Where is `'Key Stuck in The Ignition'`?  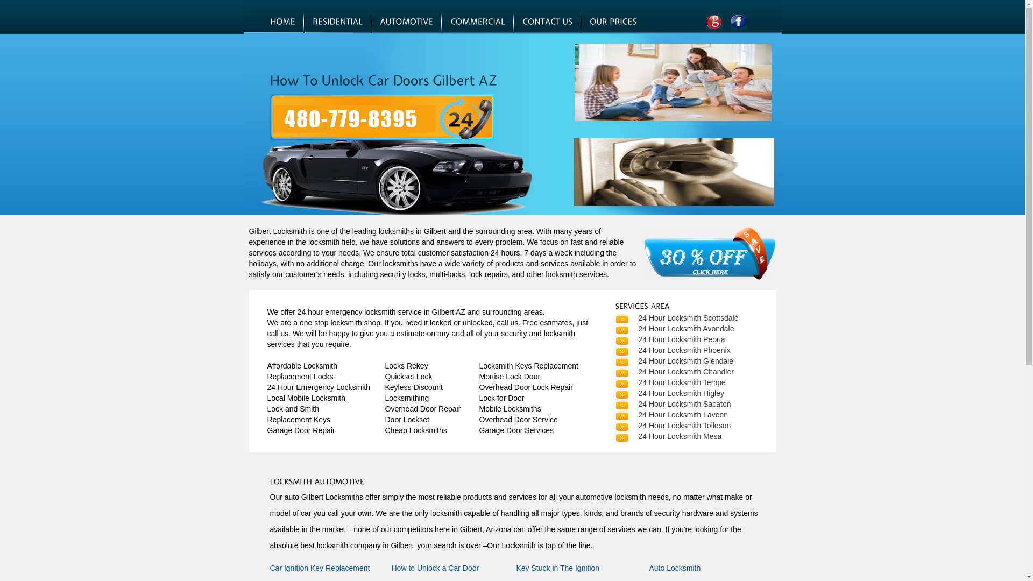 'Key Stuck in The Ignition' is located at coordinates (558, 568).